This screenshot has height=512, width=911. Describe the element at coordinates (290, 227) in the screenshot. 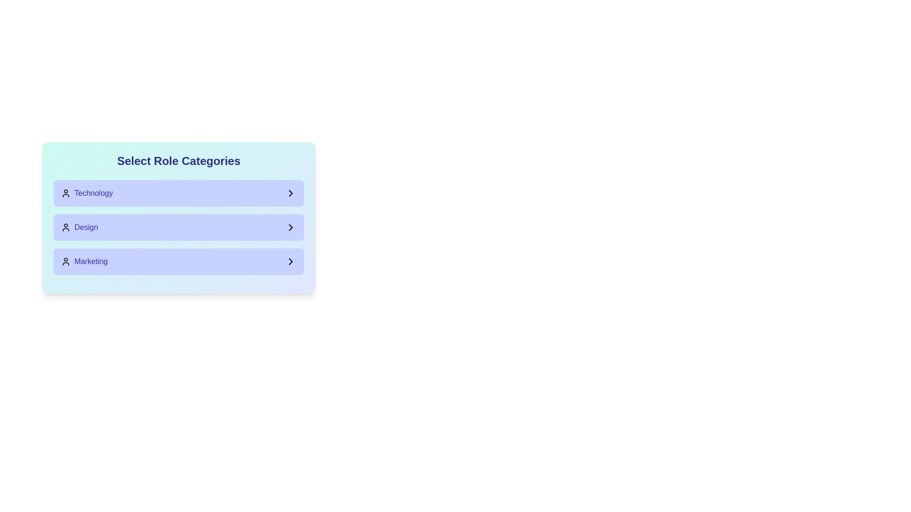

I see `the right-pointing chevron icon with a black outline at the far-right end of the 'Design' list item row under the 'Select Role Categories' section to proceed to a new page or view` at that location.